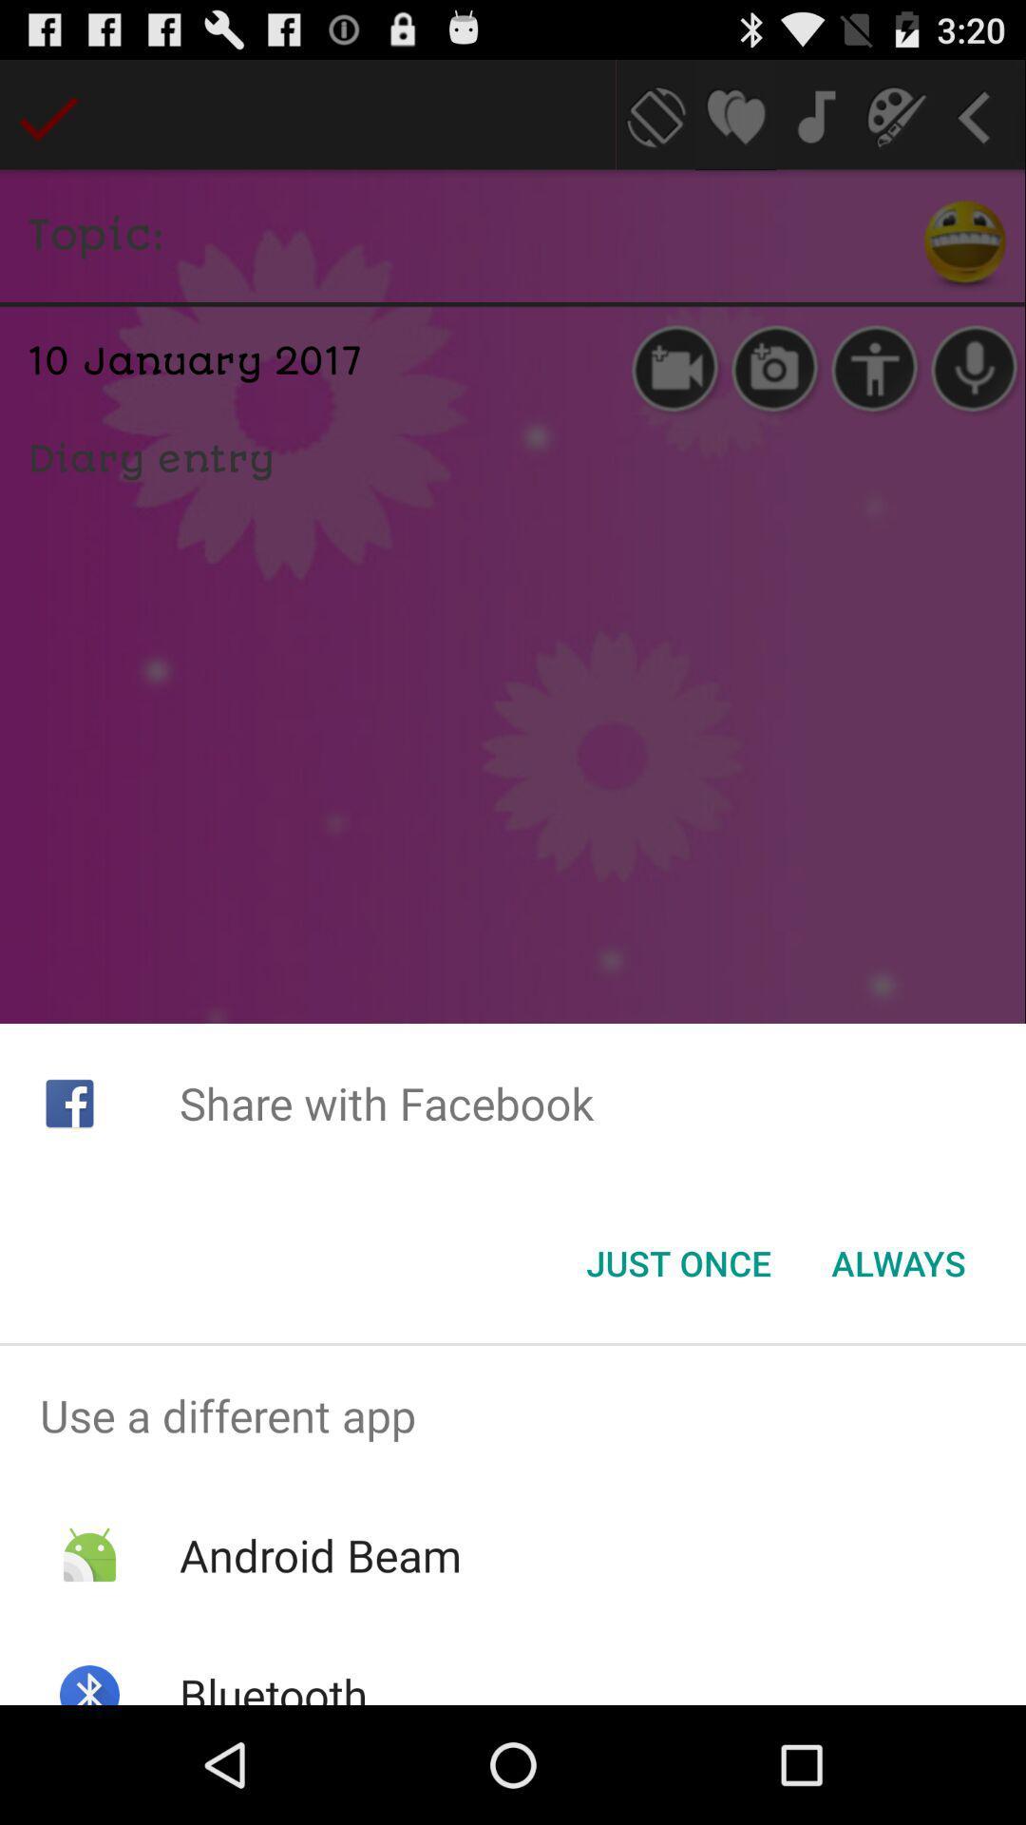 The width and height of the screenshot is (1026, 1825). Describe the element at coordinates (274, 1684) in the screenshot. I see `the icon below the android beam icon` at that location.